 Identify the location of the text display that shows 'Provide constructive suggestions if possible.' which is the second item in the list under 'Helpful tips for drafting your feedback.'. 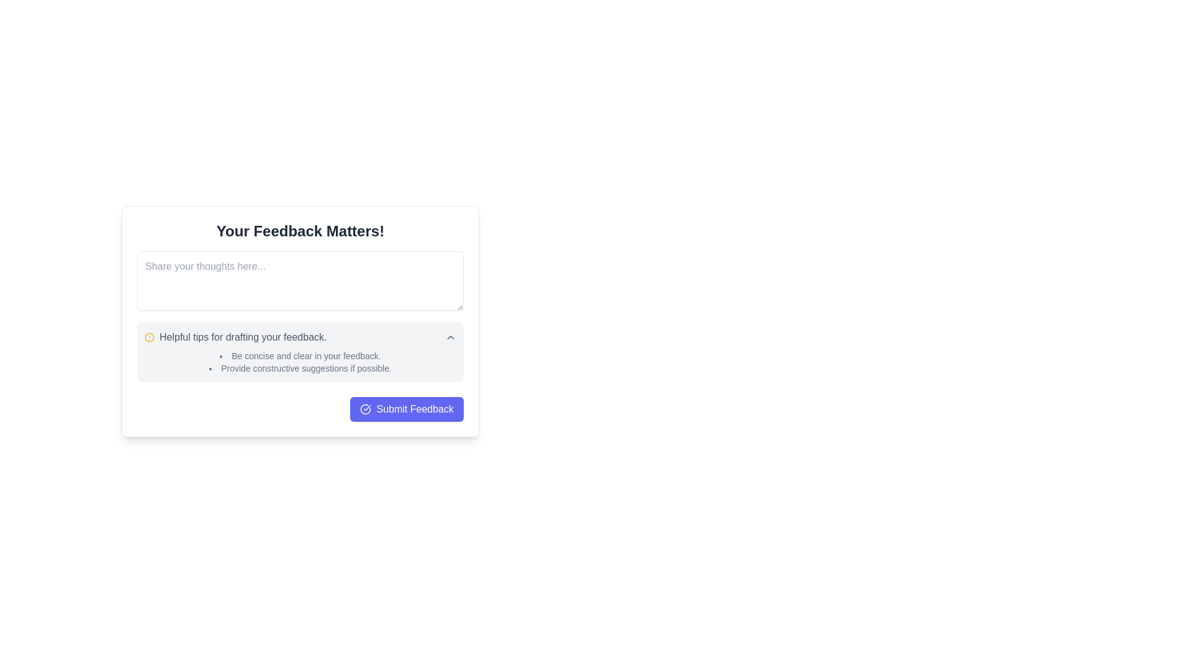
(300, 368).